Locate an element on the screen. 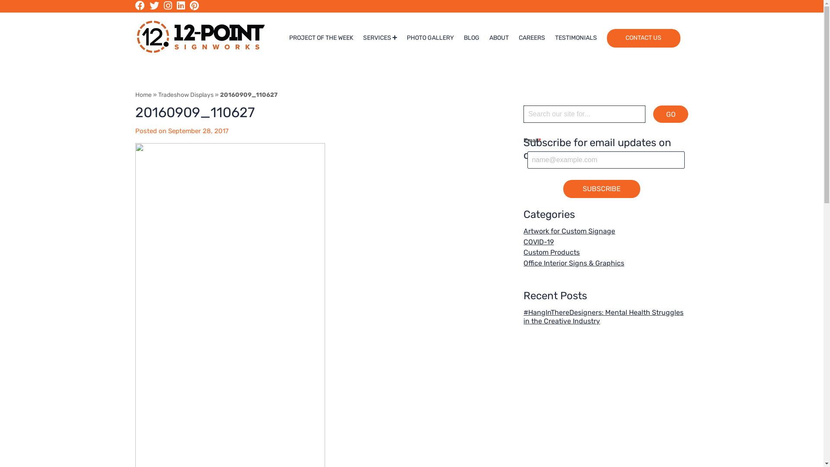 This screenshot has height=467, width=830. 'PHOTO GALLERY' is located at coordinates (430, 38).